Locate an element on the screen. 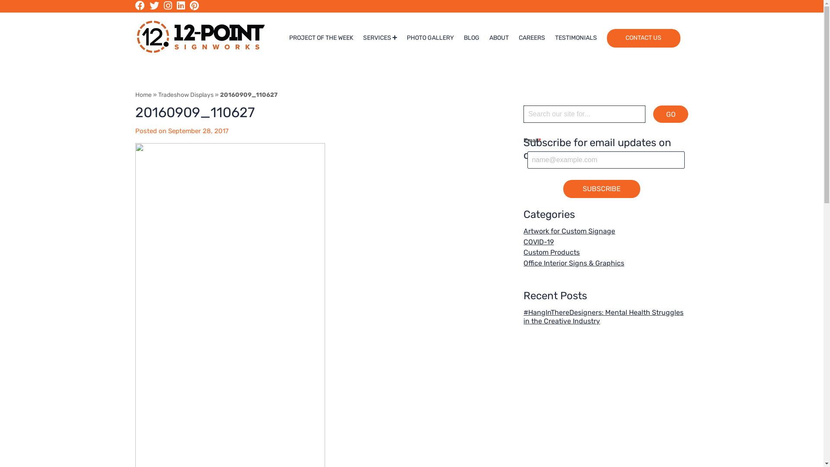 This screenshot has height=467, width=830. 'PHOTO GALLERY' is located at coordinates (430, 38).